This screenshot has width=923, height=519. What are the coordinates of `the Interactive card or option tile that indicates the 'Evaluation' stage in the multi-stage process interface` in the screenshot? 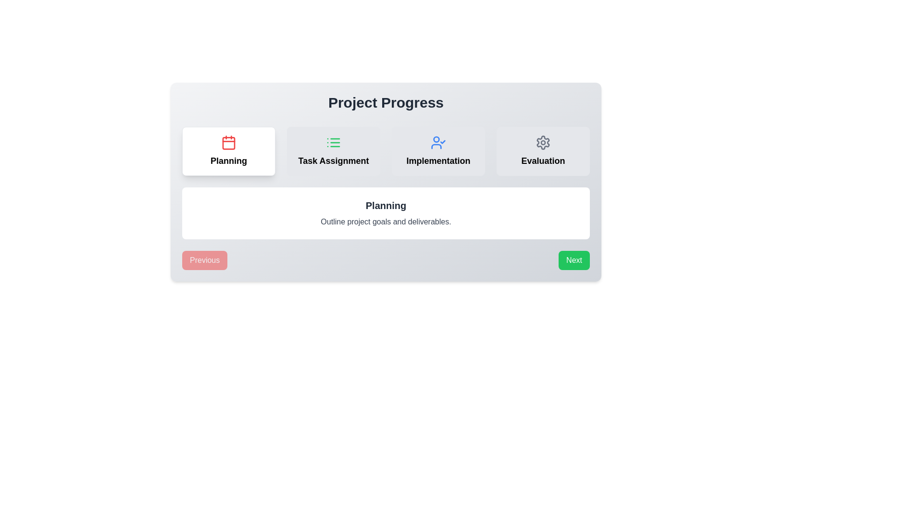 It's located at (543, 151).